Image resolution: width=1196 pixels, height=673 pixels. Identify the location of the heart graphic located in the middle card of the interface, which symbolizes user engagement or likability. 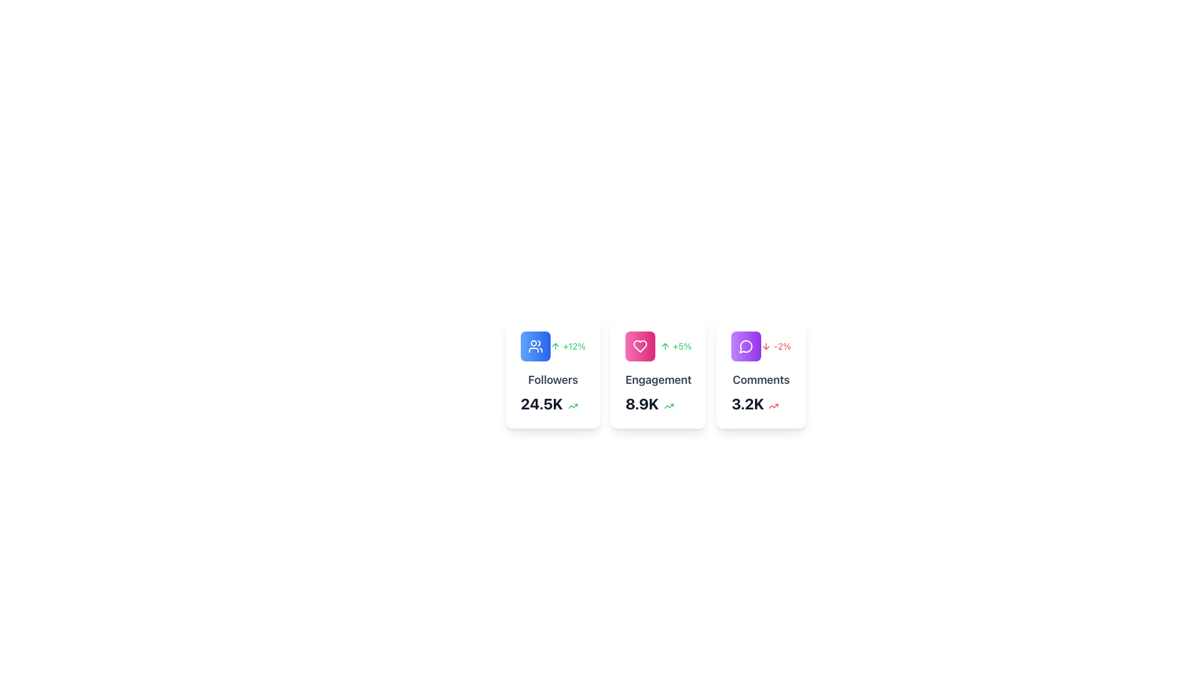
(640, 346).